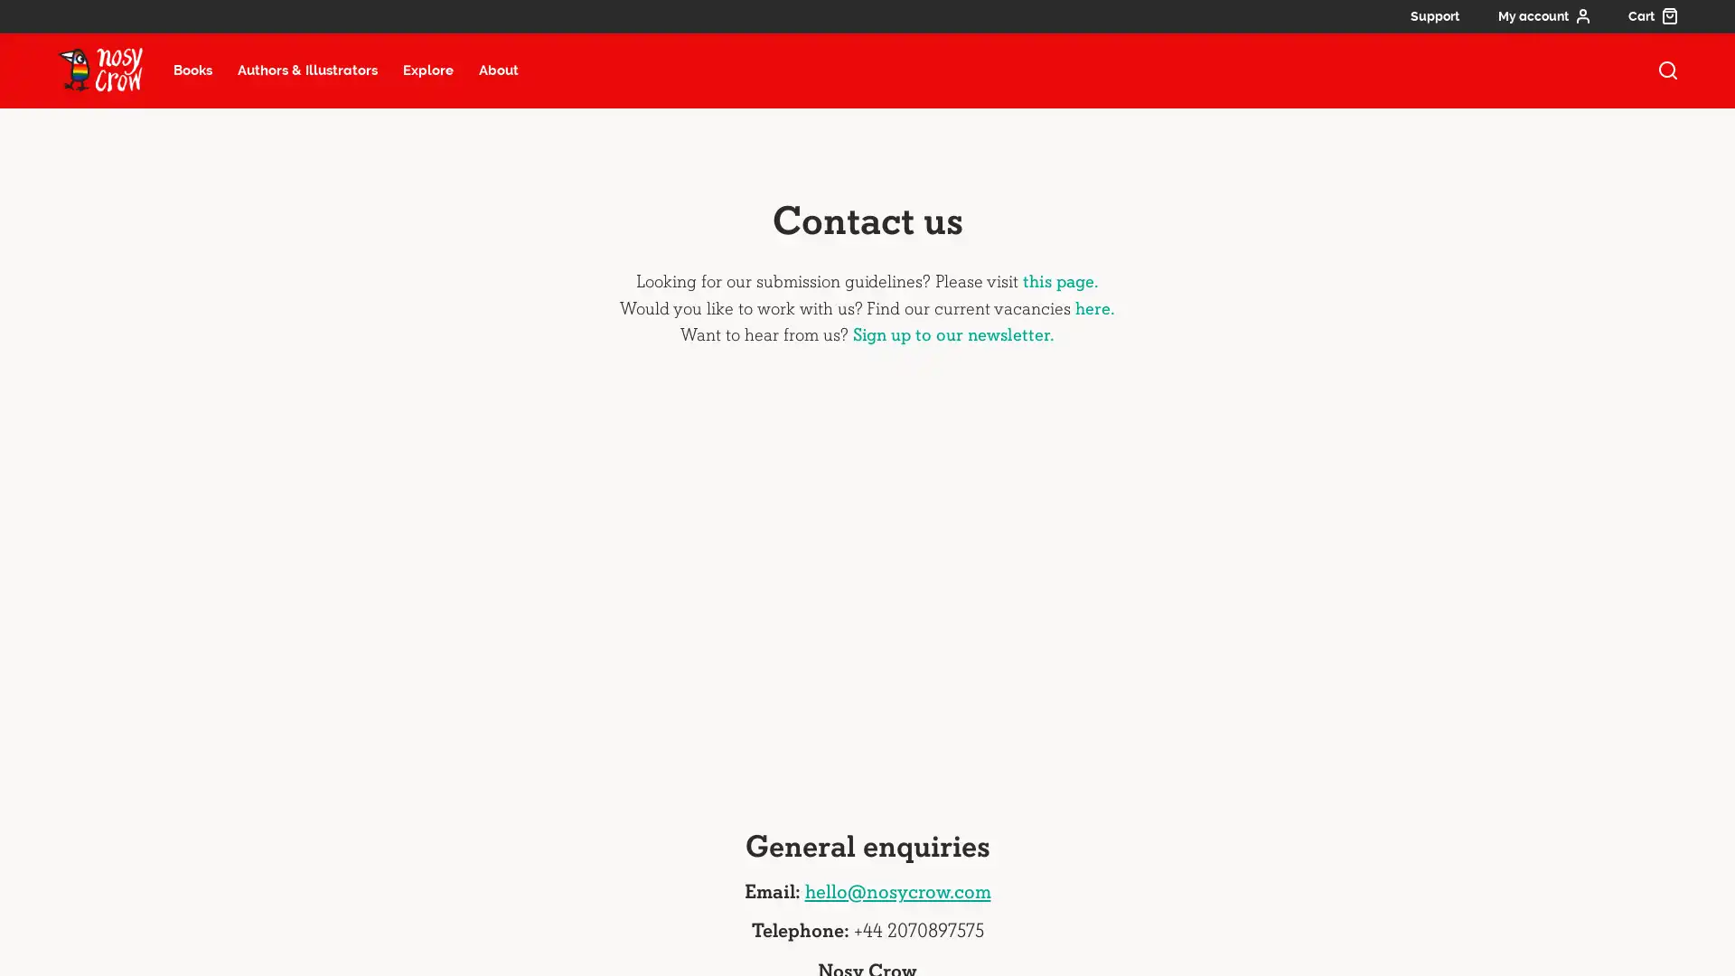  What do you see at coordinates (427, 69) in the screenshot?
I see `Explore menu item, select to open explore submenu (6 items)` at bounding box center [427, 69].